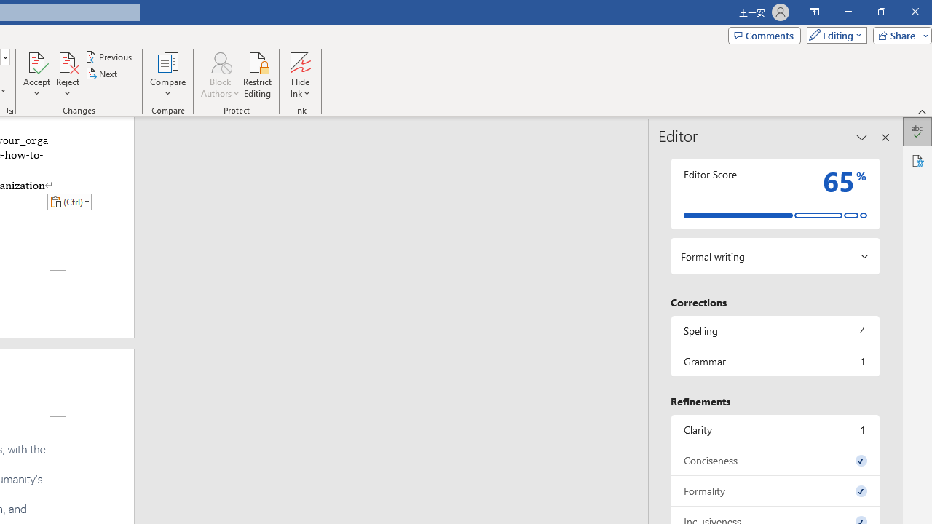 The height and width of the screenshot is (524, 932). What do you see at coordinates (10, 109) in the screenshot?
I see `'Change Tracking Options...'` at bounding box center [10, 109].